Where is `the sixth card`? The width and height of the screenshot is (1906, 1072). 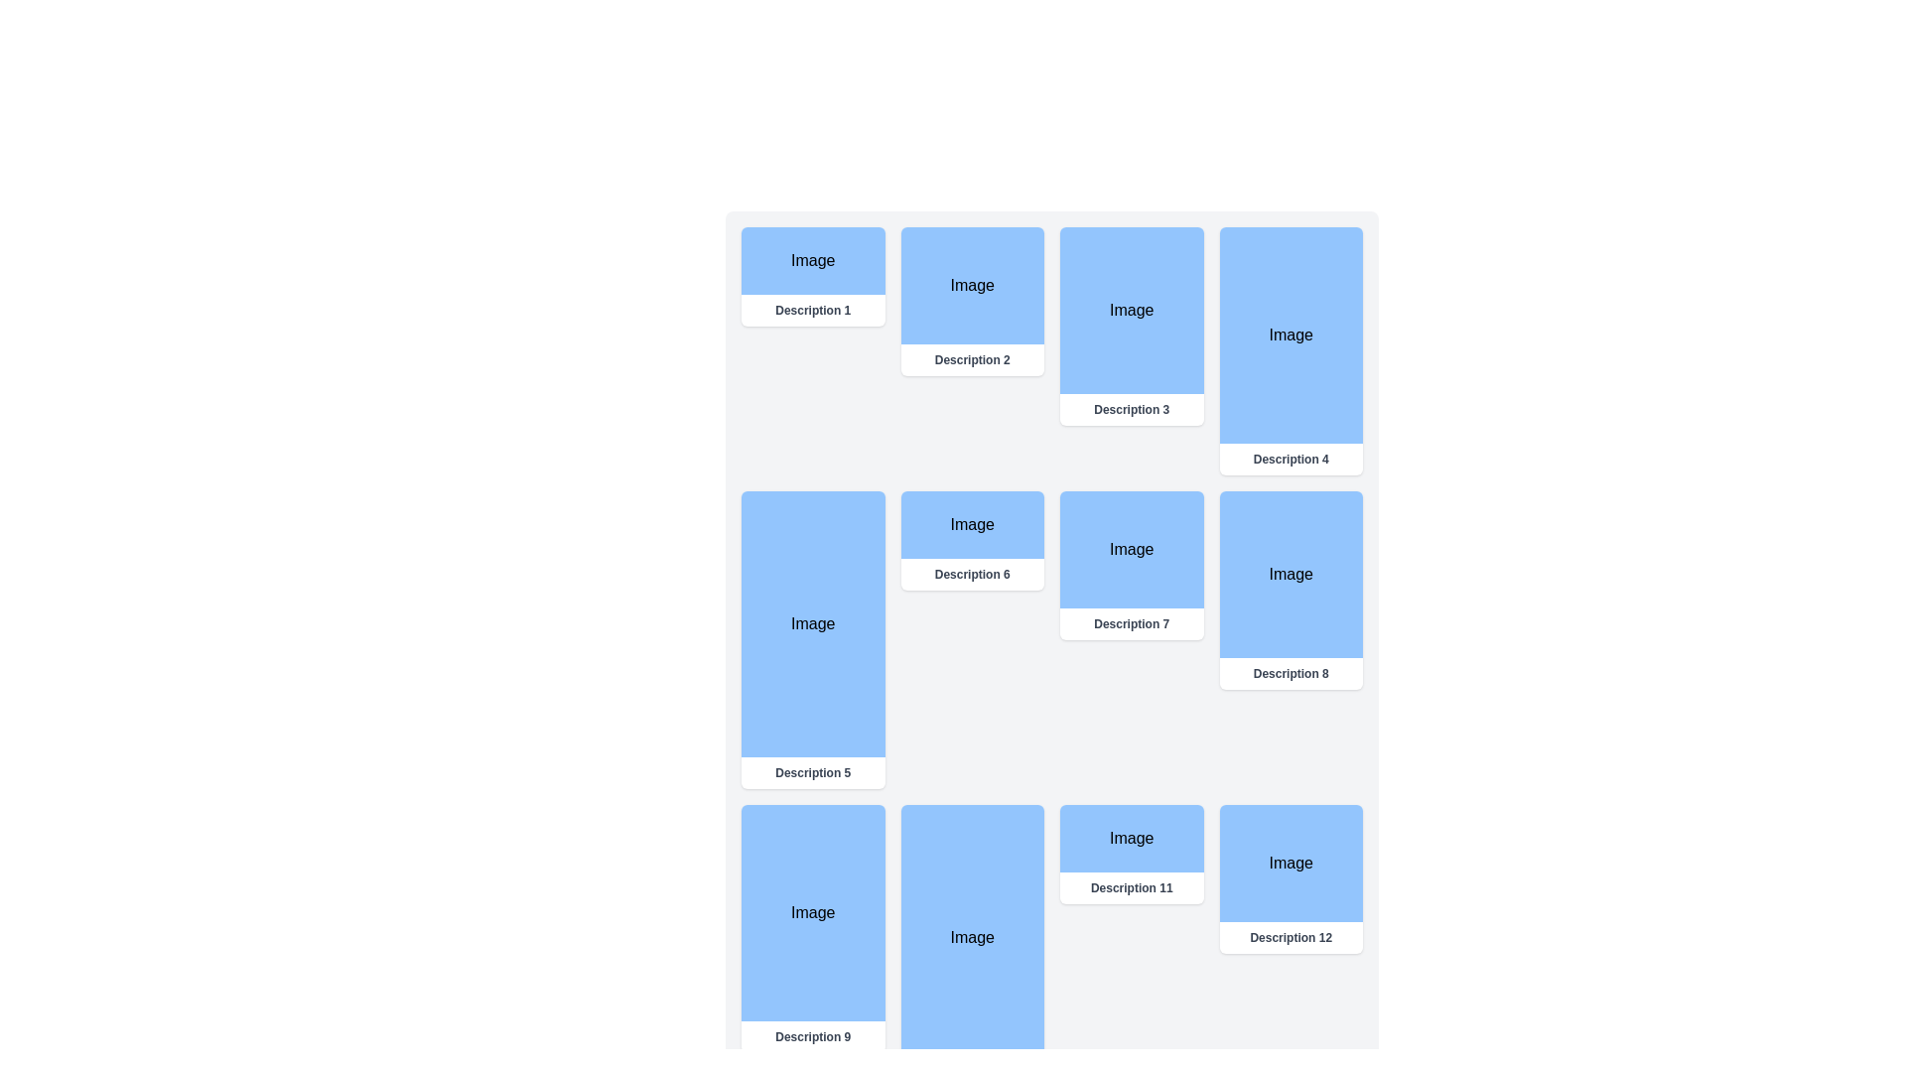
the sixth card is located at coordinates (972, 540).